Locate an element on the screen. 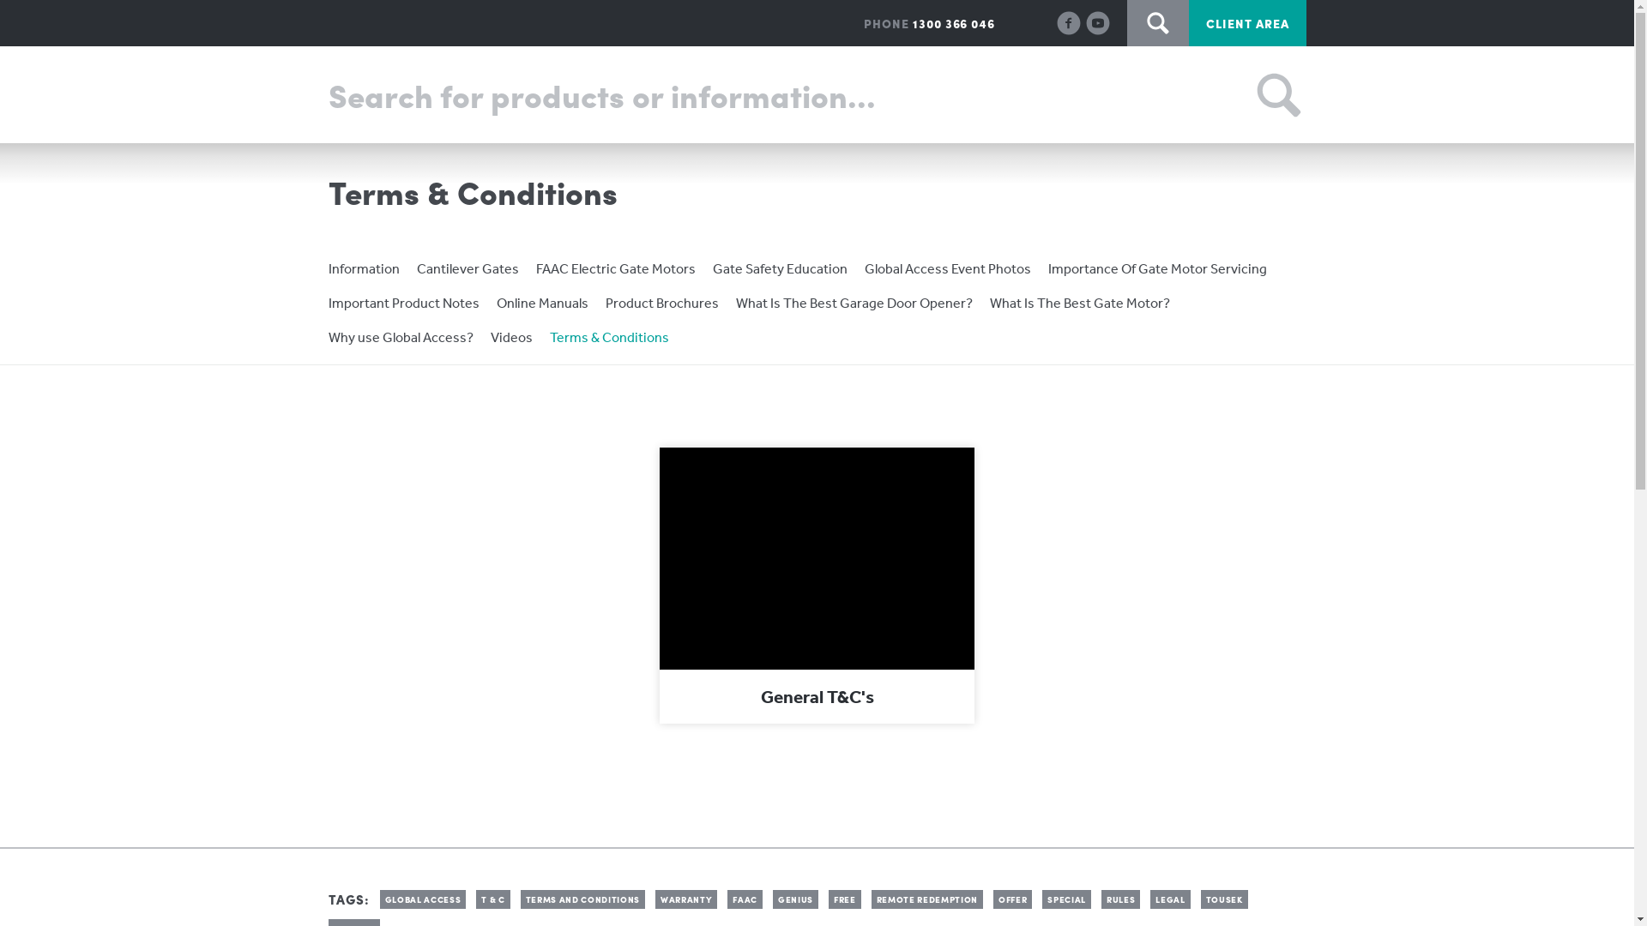 The image size is (1647, 926). 'BRANDS' is located at coordinates (710, 95).